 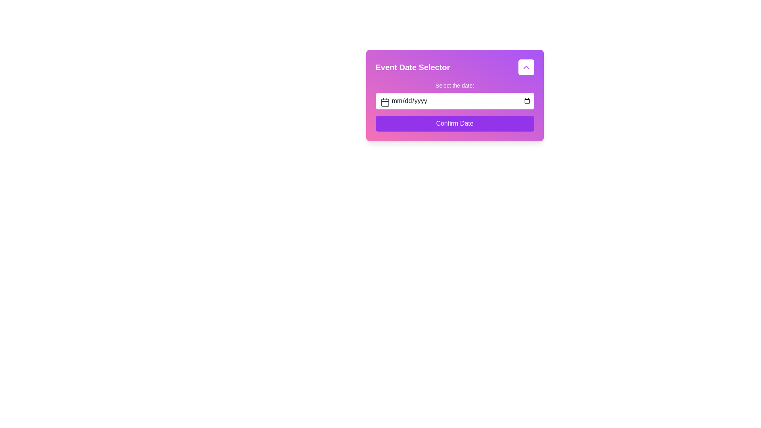 What do you see at coordinates (455, 124) in the screenshot?
I see `the 'Confirm Date' button, which is a rectangular button with a purple background and white text` at bounding box center [455, 124].